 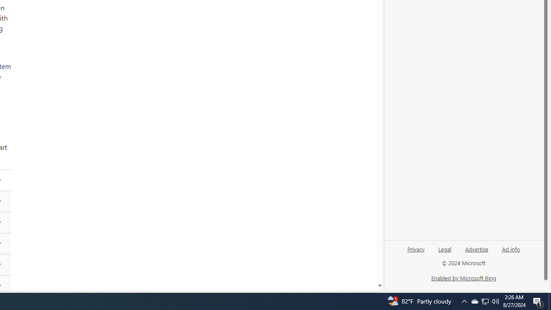 What do you see at coordinates (445, 248) in the screenshot?
I see `'Legal'` at bounding box center [445, 248].